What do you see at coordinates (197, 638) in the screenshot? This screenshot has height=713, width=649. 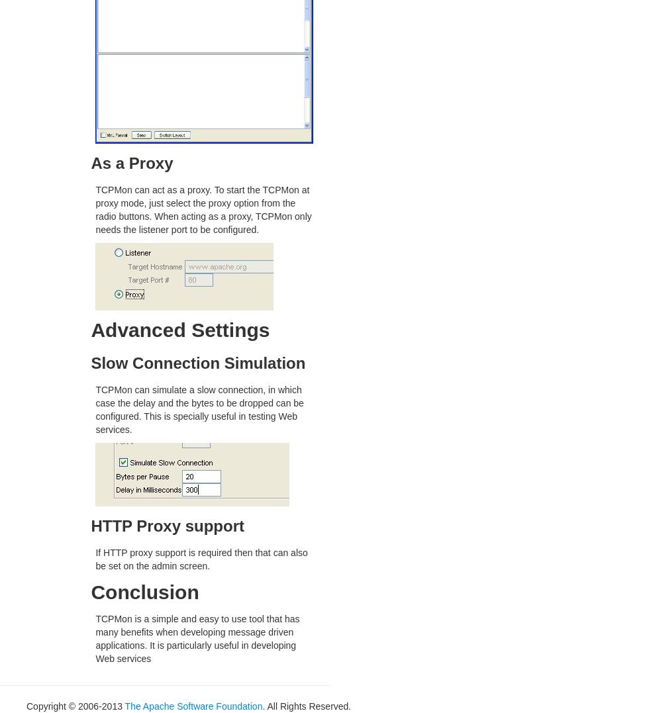 I see `'TCPMon is a simple and easy to use tool that has many benefits when
developing message driven applications. It is particularly useful in
developing Web services'` at bounding box center [197, 638].